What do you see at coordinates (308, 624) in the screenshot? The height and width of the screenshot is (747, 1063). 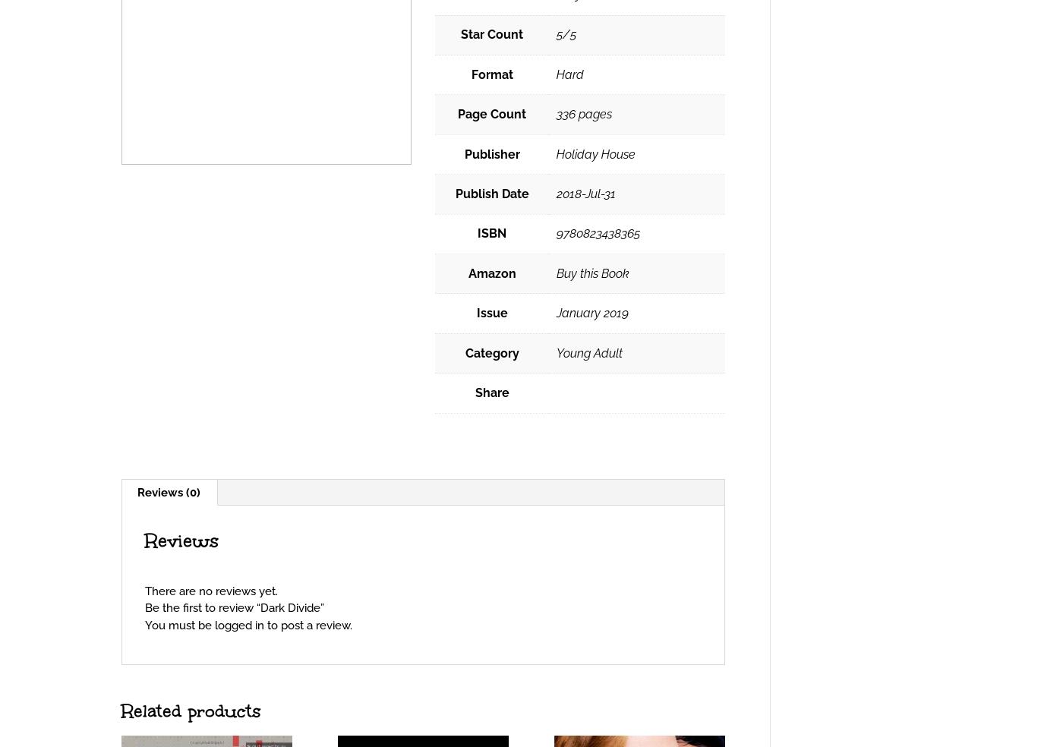 I see `'to post a review.'` at bounding box center [308, 624].